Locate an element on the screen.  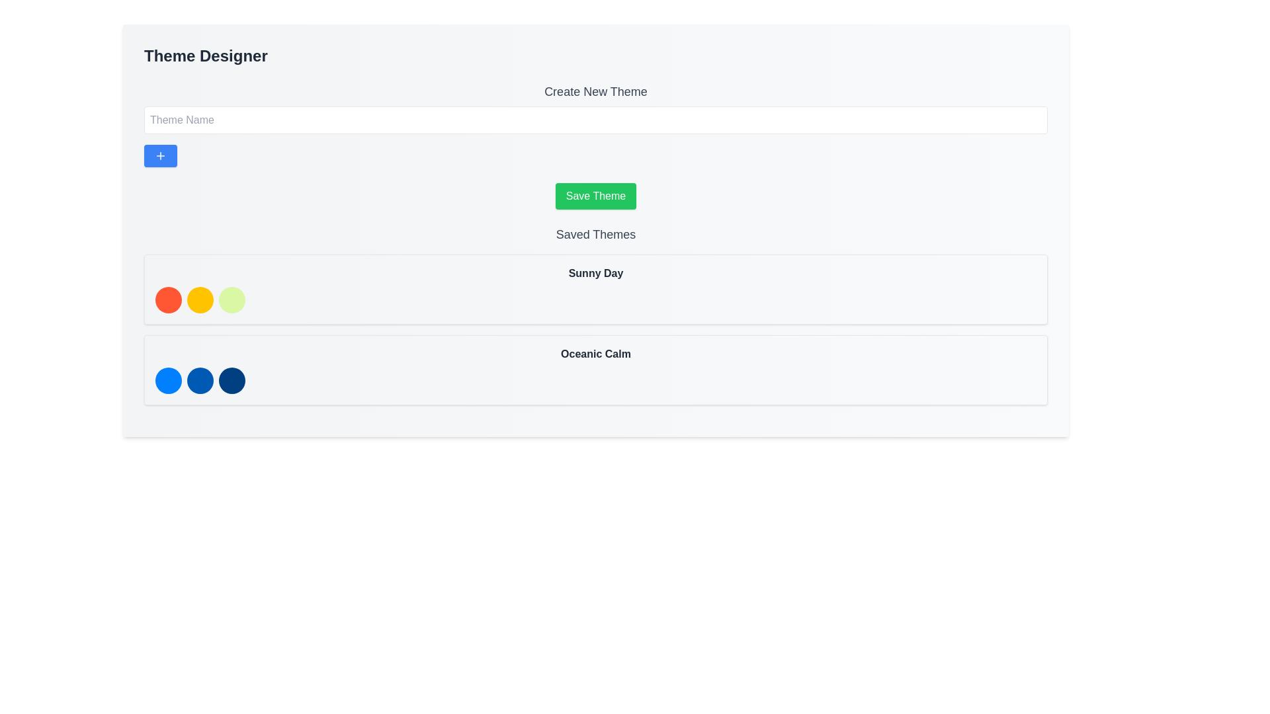
the 'Sunny Day' label, which serves as a descriptive heading within its section and is positioned above a row of circular colored icons is located at coordinates (595, 272).